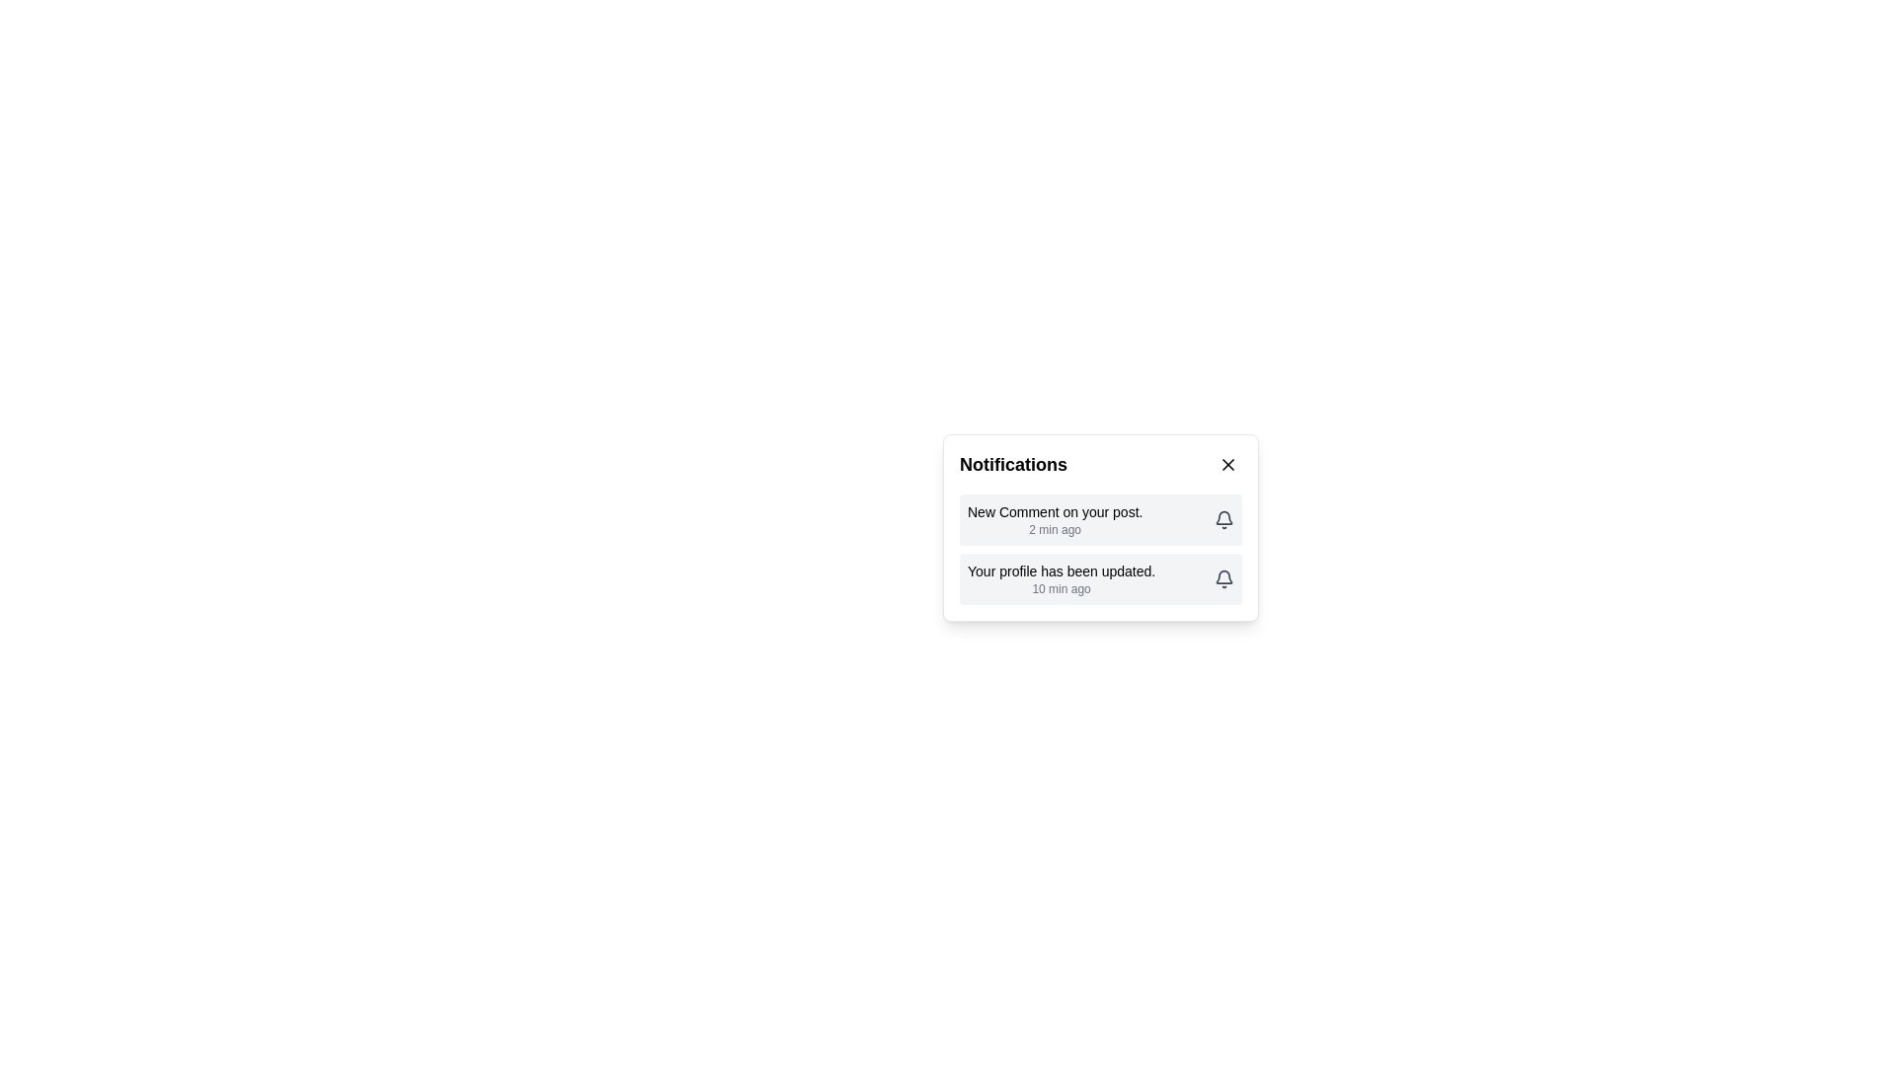 The width and height of the screenshot is (1896, 1066). What do you see at coordinates (1054, 511) in the screenshot?
I see `the static text element that displays 'New Comment on your post.' in the notifications panel` at bounding box center [1054, 511].